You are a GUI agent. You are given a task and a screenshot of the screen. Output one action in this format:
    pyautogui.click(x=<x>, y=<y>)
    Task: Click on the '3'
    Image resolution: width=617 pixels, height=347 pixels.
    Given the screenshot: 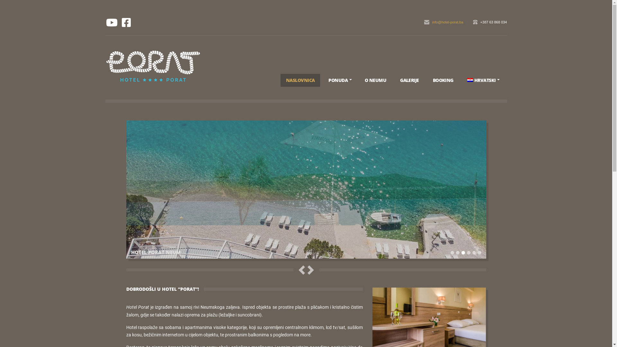 What is the action you would take?
    pyautogui.click(x=463, y=252)
    